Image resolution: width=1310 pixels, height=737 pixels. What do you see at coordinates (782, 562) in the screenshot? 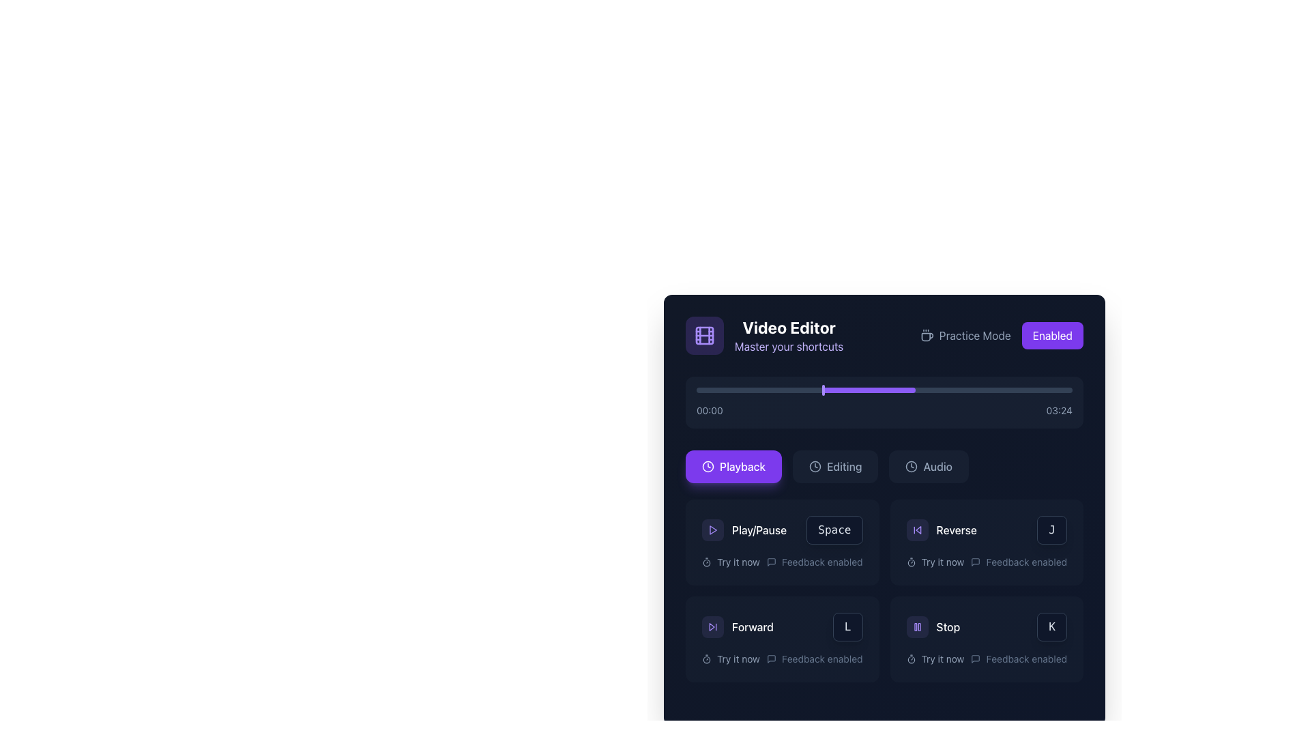
I see `the 'Try it now' button in the text display featuring 'Try it now' and 'Feedback enabled', located under the 'Video Editor' section, below the 'Play/Pause' and 'Space' buttons` at bounding box center [782, 562].